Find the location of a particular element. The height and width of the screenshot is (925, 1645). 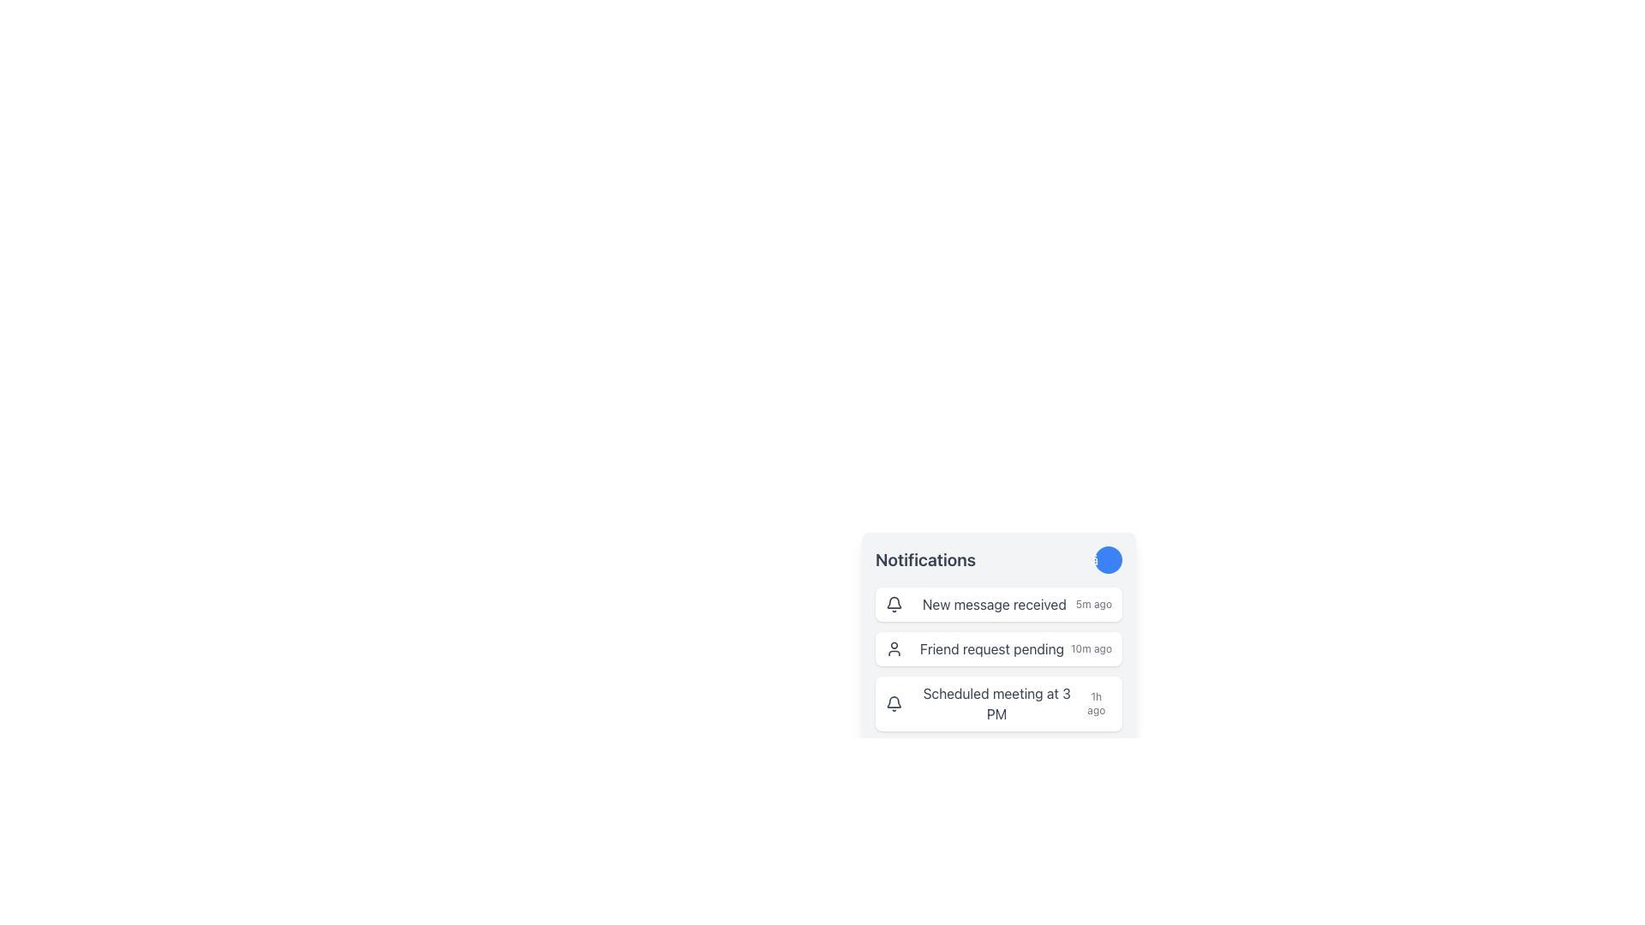

the status message indicating a friend request has been sent, located in the second notification card of the notification panel is located at coordinates (991, 649).